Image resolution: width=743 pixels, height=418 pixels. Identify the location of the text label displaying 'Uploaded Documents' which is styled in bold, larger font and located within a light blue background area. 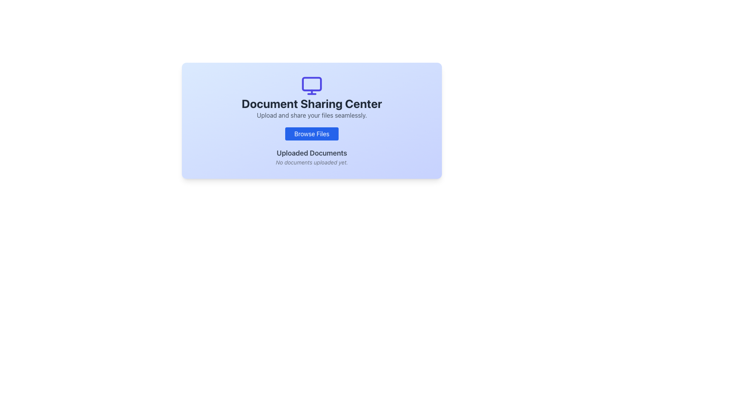
(312, 153).